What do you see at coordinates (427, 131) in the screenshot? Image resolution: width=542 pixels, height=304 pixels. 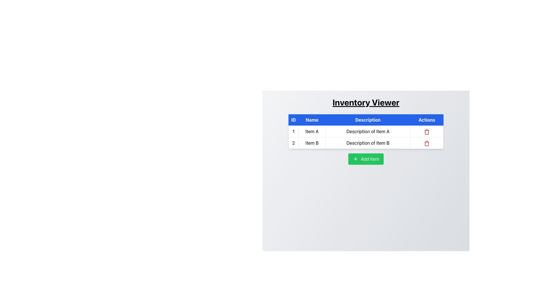 I see `the delete button represented by an icon in the Actions column of the first row for 'Description of Item A'` at bounding box center [427, 131].